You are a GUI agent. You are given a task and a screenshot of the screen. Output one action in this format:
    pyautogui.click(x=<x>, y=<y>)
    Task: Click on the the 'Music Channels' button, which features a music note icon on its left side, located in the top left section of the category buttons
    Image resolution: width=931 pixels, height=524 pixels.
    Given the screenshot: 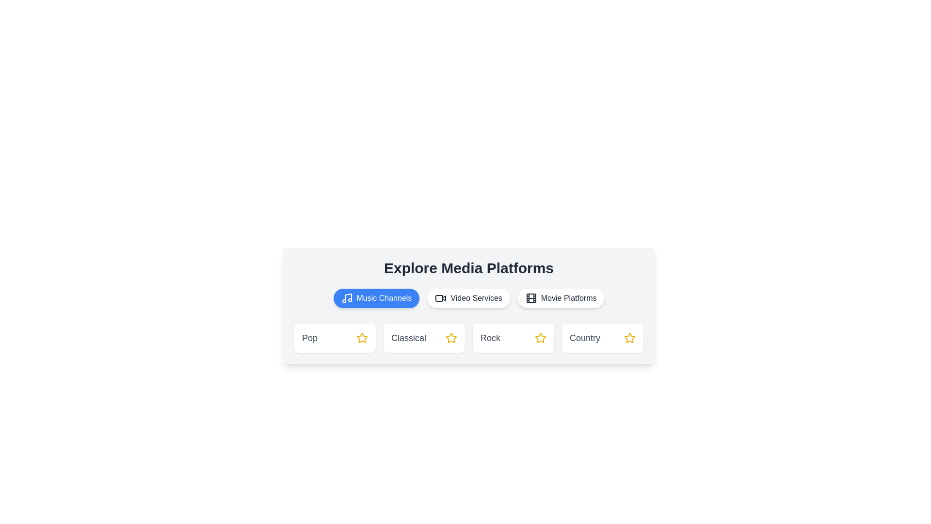 What is the action you would take?
    pyautogui.click(x=347, y=297)
    